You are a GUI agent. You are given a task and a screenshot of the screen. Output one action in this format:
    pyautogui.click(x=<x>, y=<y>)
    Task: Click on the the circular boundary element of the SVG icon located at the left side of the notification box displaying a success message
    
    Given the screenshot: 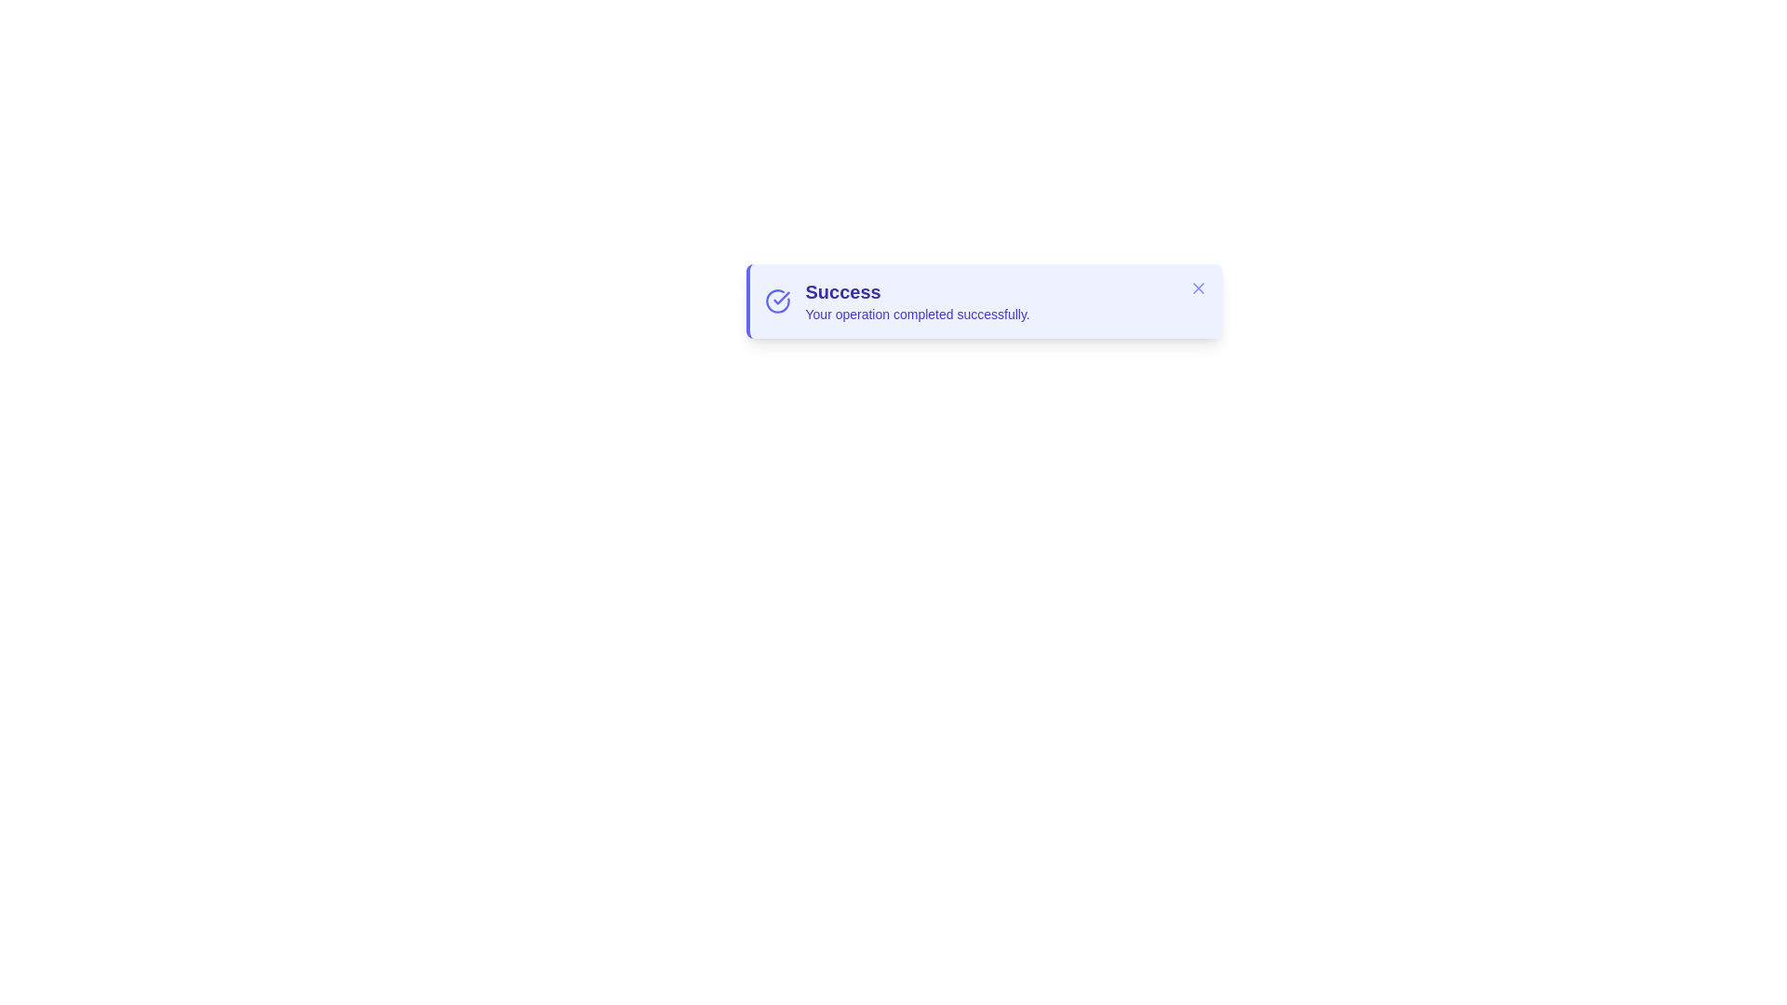 What is the action you would take?
    pyautogui.click(x=777, y=301)
    